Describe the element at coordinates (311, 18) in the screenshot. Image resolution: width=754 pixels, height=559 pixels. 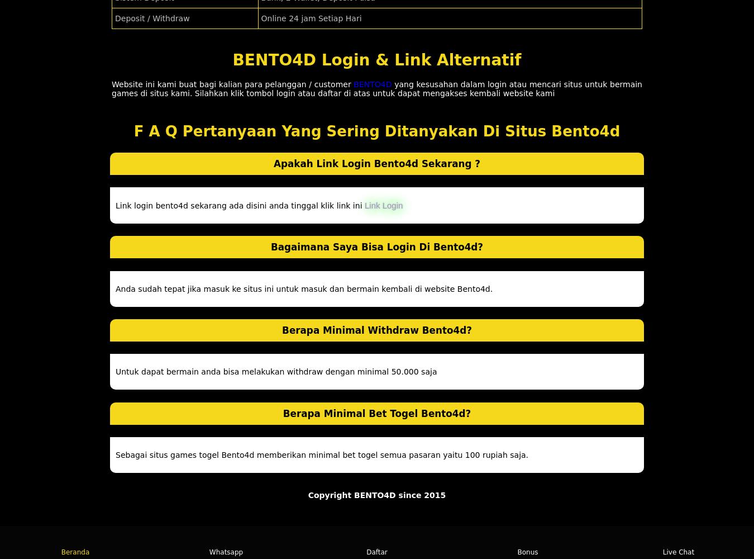
I see `'Online 24 jam Setiap Hari'` at that location.